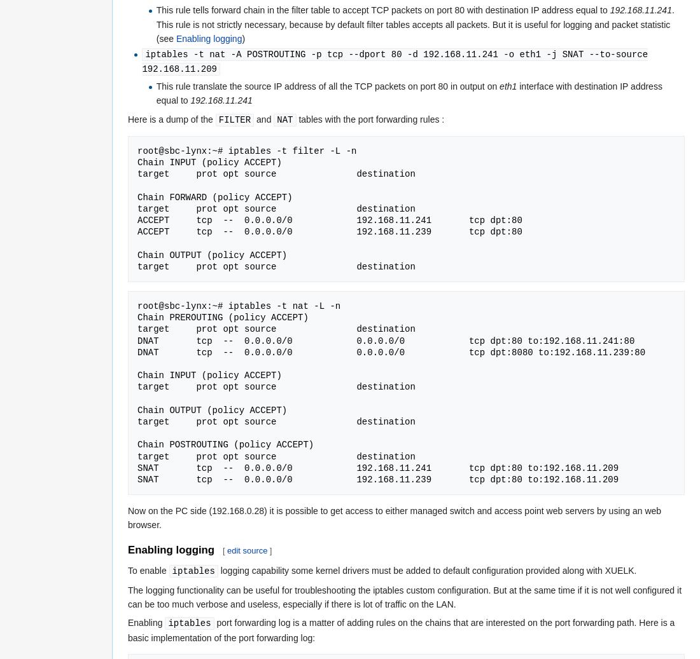 The width and height of the screenshot is (700, 659). What do you see at coordinates (382, 9) in the screenshot?
I see `'This rule tells forward chain in the filter table to accept TCP packets on port 80 with destination IP address equal to'` at bounding box center [382, 9].